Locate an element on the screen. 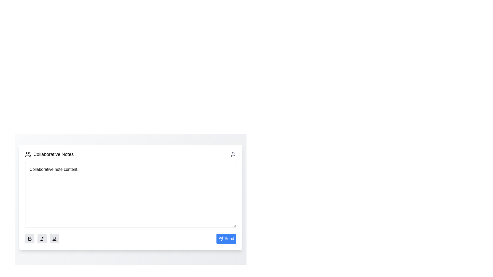  the underline button located in the bottom center area of the interface, specifically the third button from the left among similar-sized buttons including 'Bold' and 'Italic' is located at coordinates (54, 239).